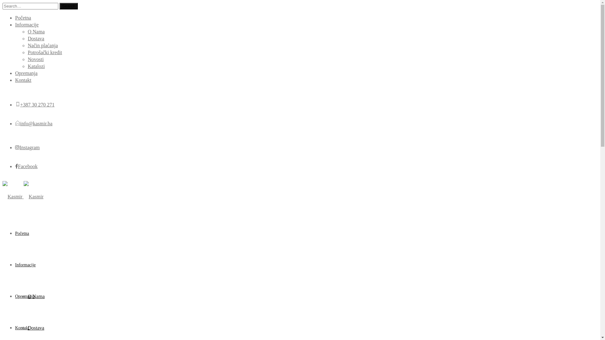  What do you see at coordinates (36, 66) in the screenshot?
I see `'Katalozi'` at bounding box center [36, 66].